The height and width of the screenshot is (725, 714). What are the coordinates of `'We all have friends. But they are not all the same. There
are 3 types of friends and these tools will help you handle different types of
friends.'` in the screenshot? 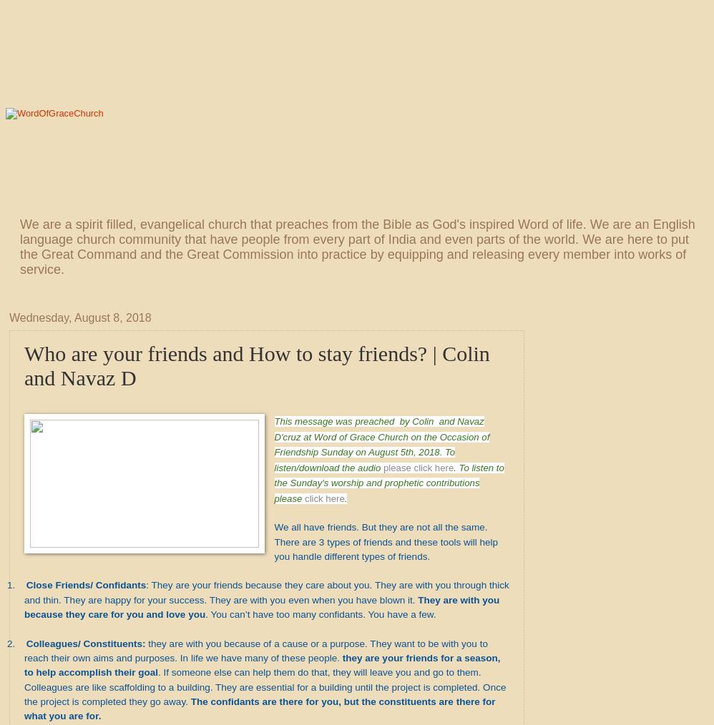 It's located at (273, 541).